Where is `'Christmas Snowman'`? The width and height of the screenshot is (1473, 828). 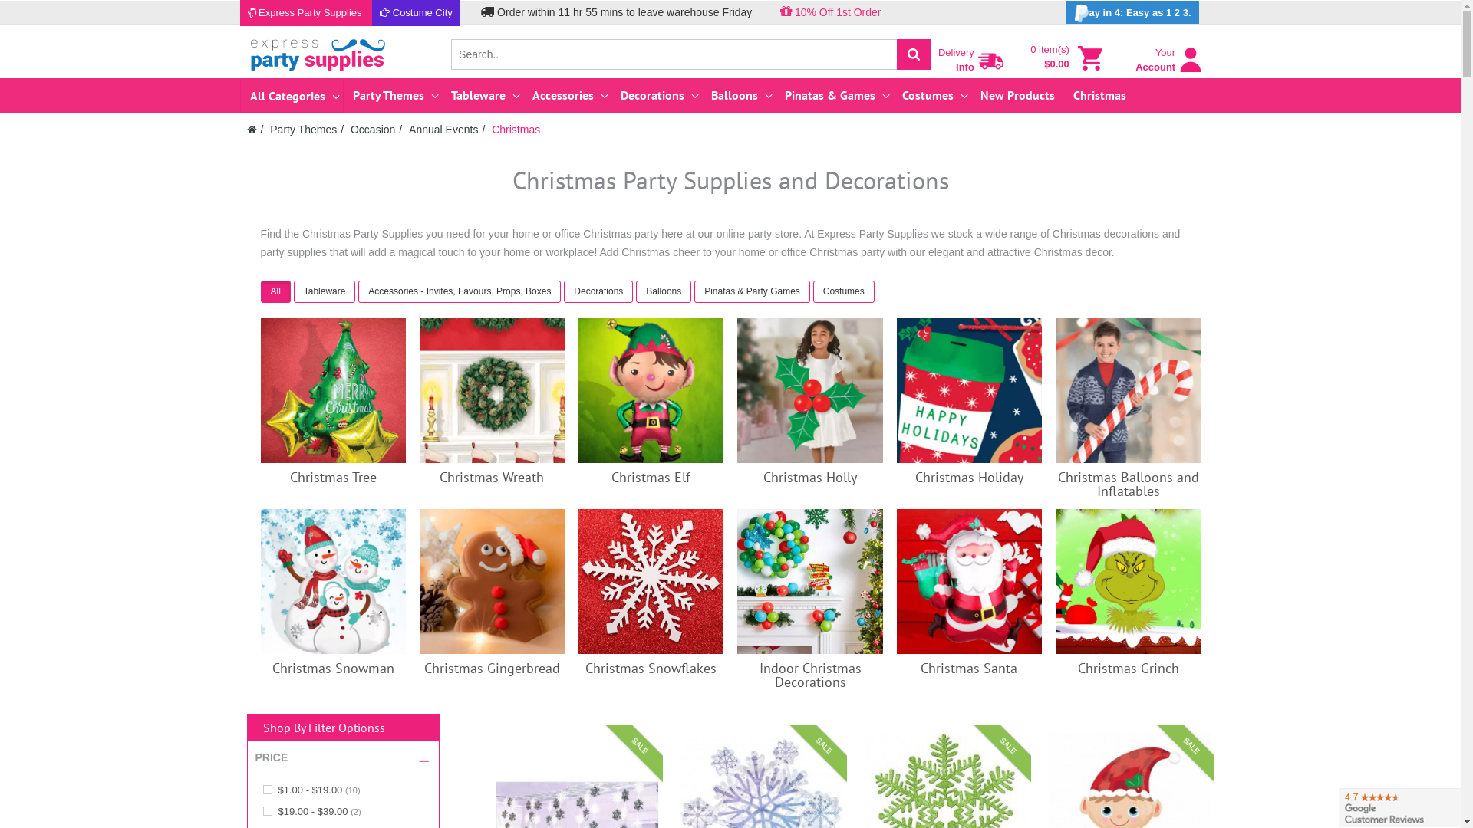 'Christmas Snowman' is located at coordinates (332, 581).